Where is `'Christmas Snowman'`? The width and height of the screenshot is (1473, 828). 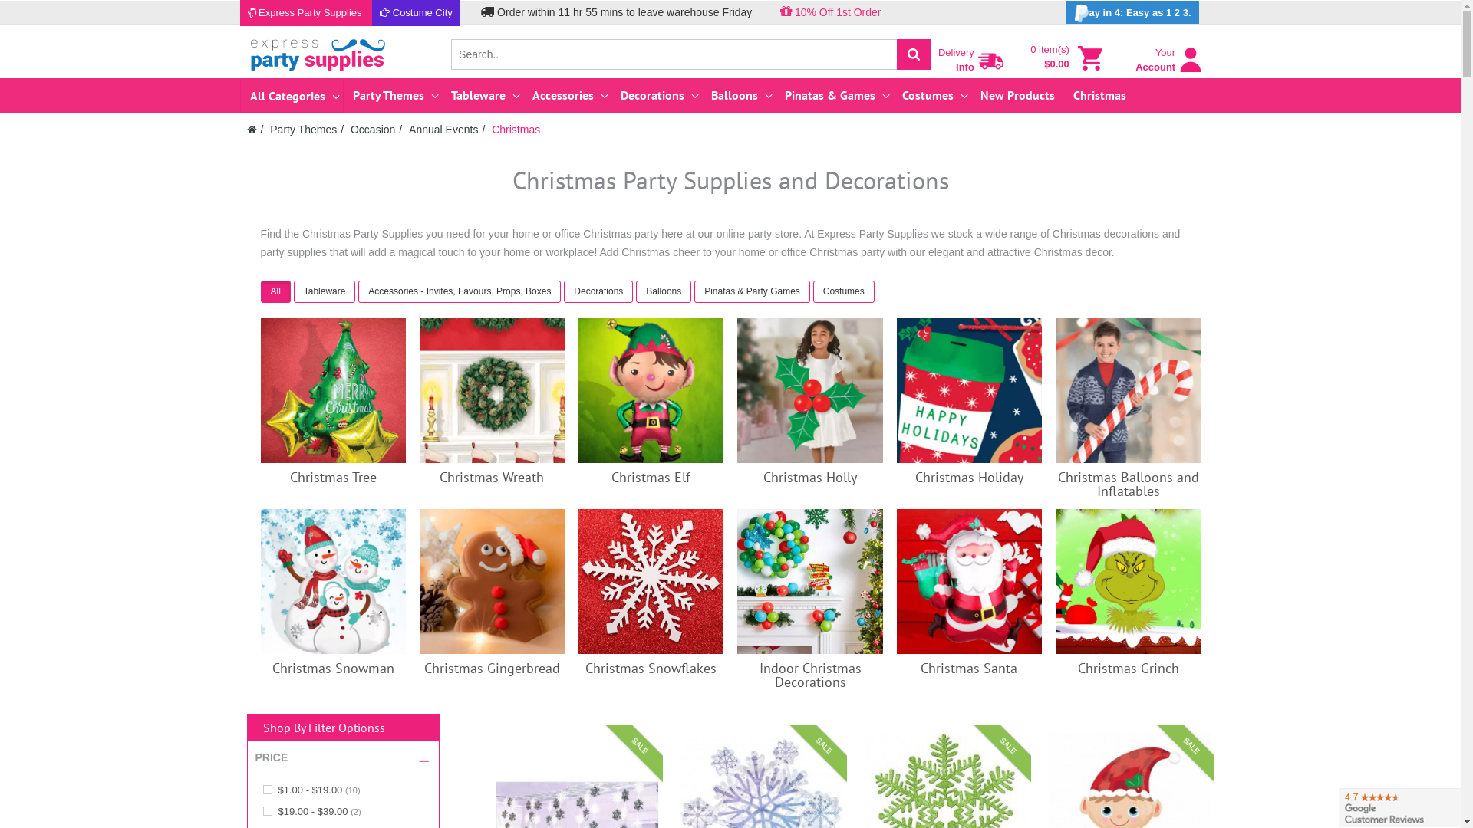 'Christmas Snowman' is located at coordinates (332, 581).